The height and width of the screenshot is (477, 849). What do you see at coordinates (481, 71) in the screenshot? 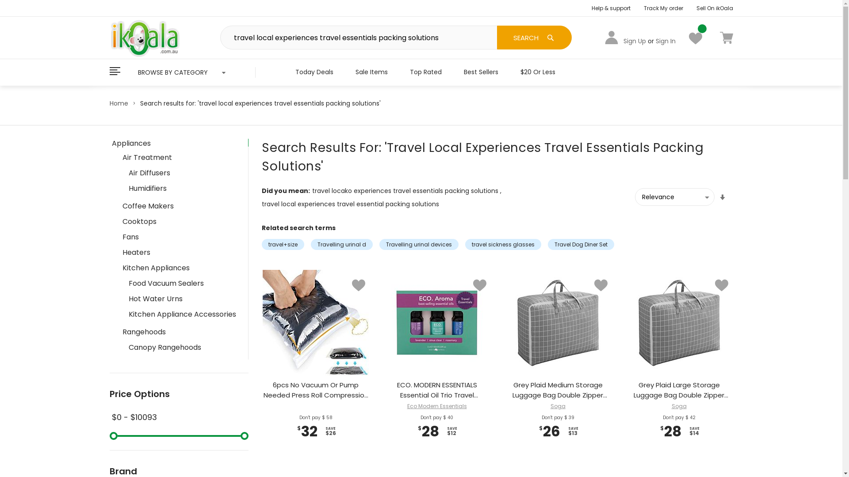
I see `'Best Sellers'` at bounding box center [481, 71].